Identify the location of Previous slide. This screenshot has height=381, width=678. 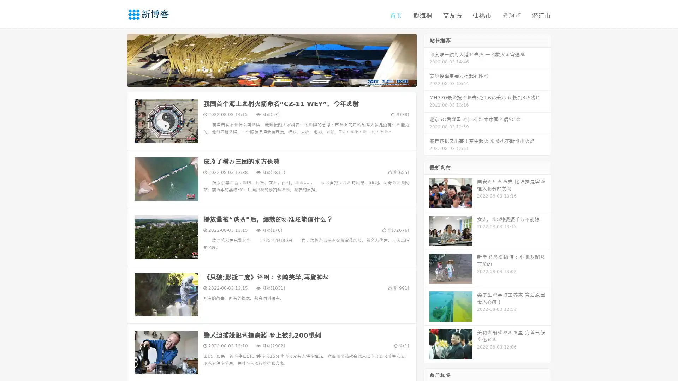
(117, 59).